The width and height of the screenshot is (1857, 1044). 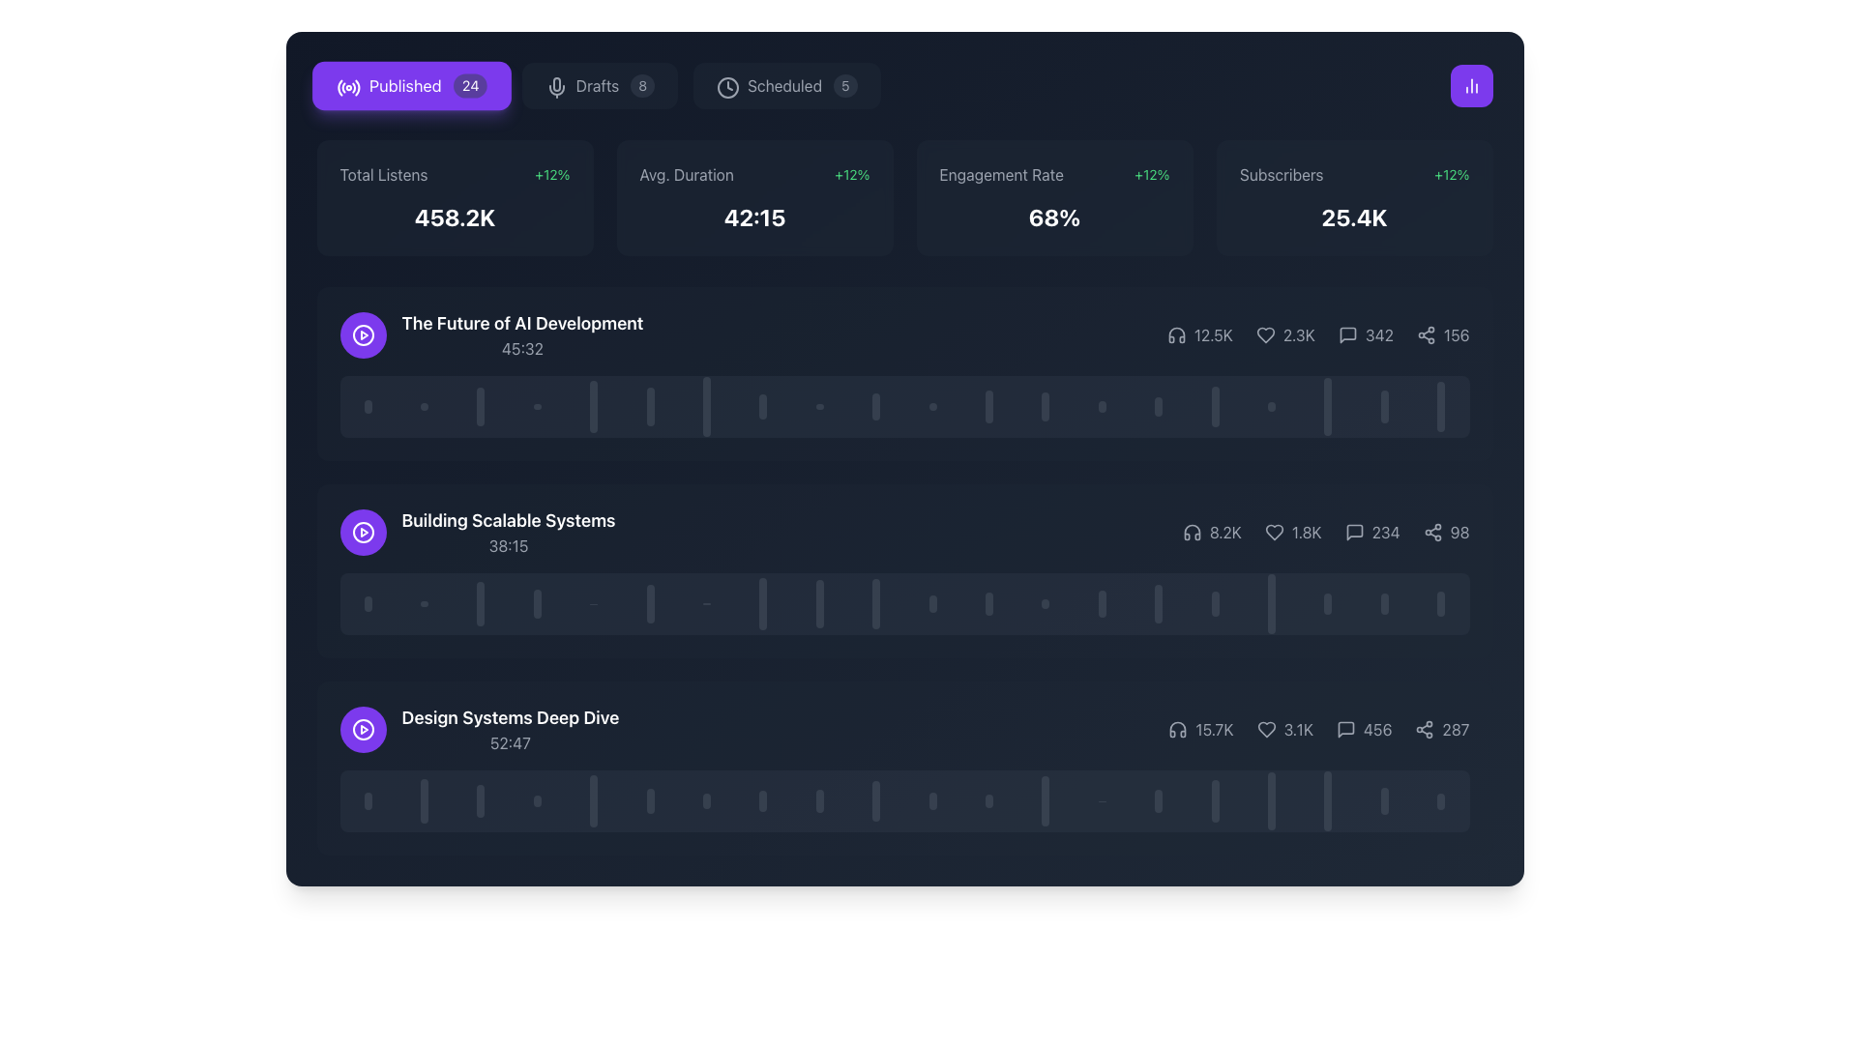 I want to click on the comment bubble icon displaying the number '234', so click(x=1371, y=533).